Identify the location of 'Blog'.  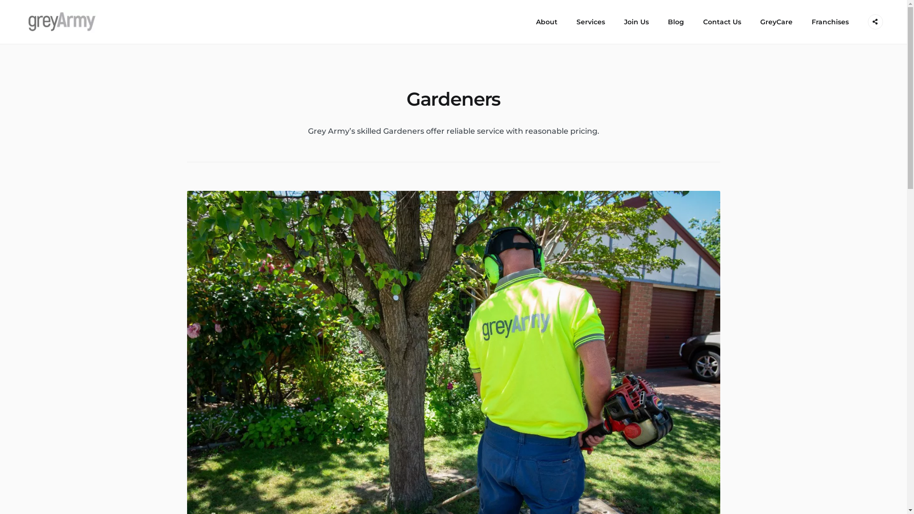
(676, 21).